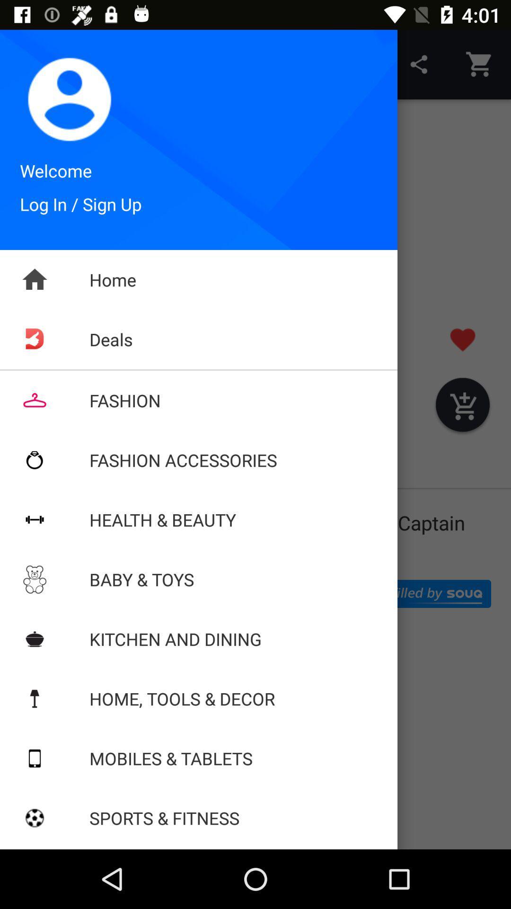 This screenshot has width=511, height=909. What do you see at coordinates (462, 407) in the screenshot?
I see `the cart icon` at bounding box center [462, 407].